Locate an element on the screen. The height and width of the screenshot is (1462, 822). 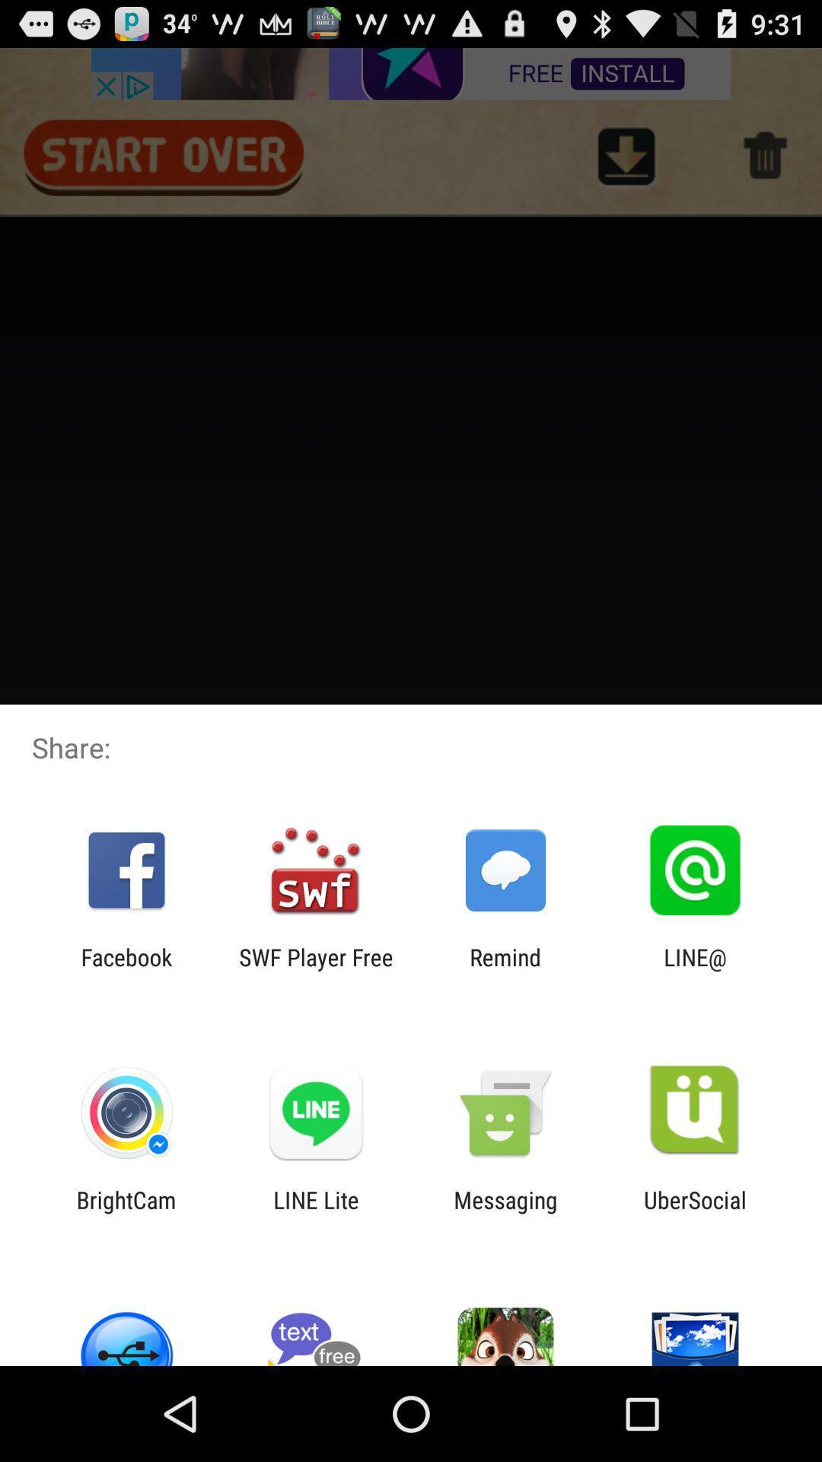
app next to remind is located at coordinates (315, 970).